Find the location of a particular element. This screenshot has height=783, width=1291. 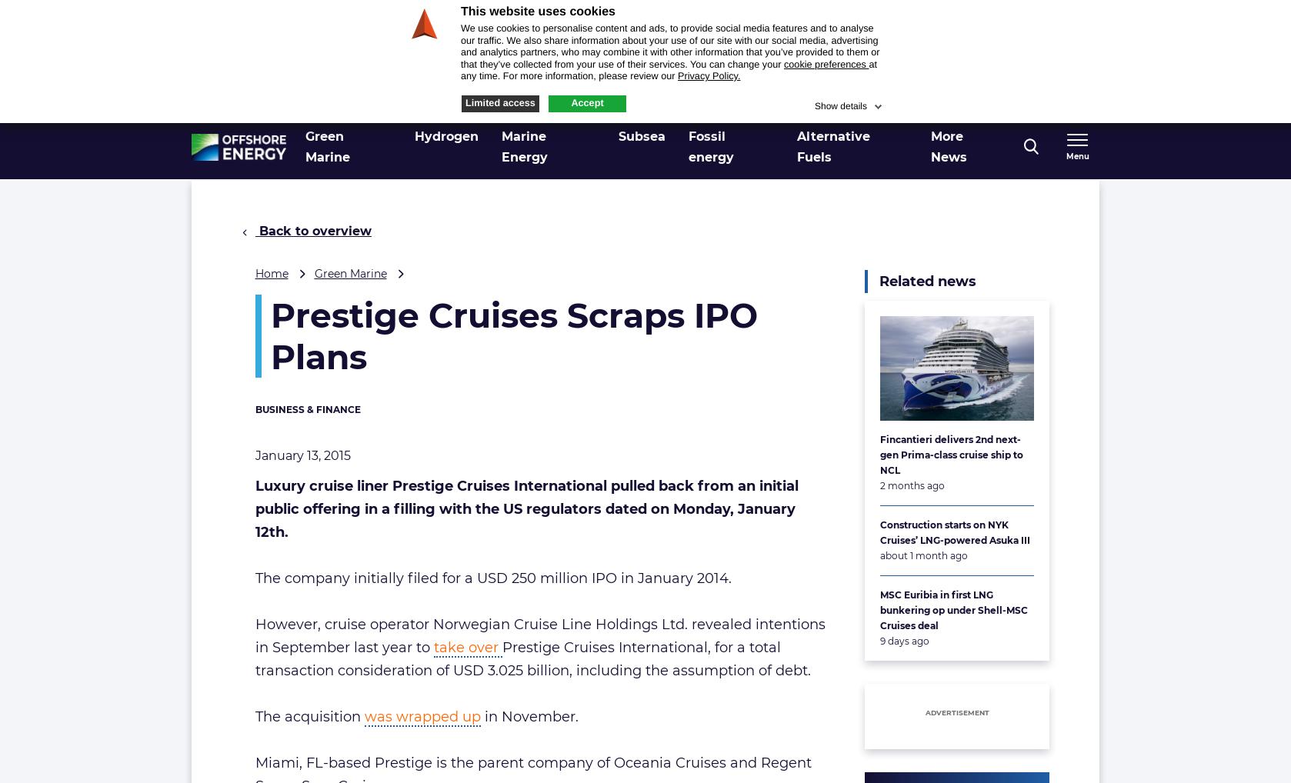

'Back to overview' is located at coordinates (313, 231).